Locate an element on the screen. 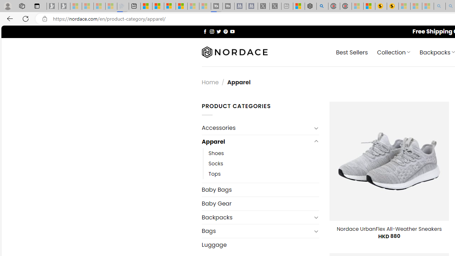 The image size is (455, 256). 'Accessories' is located at coordinates (256, 128).